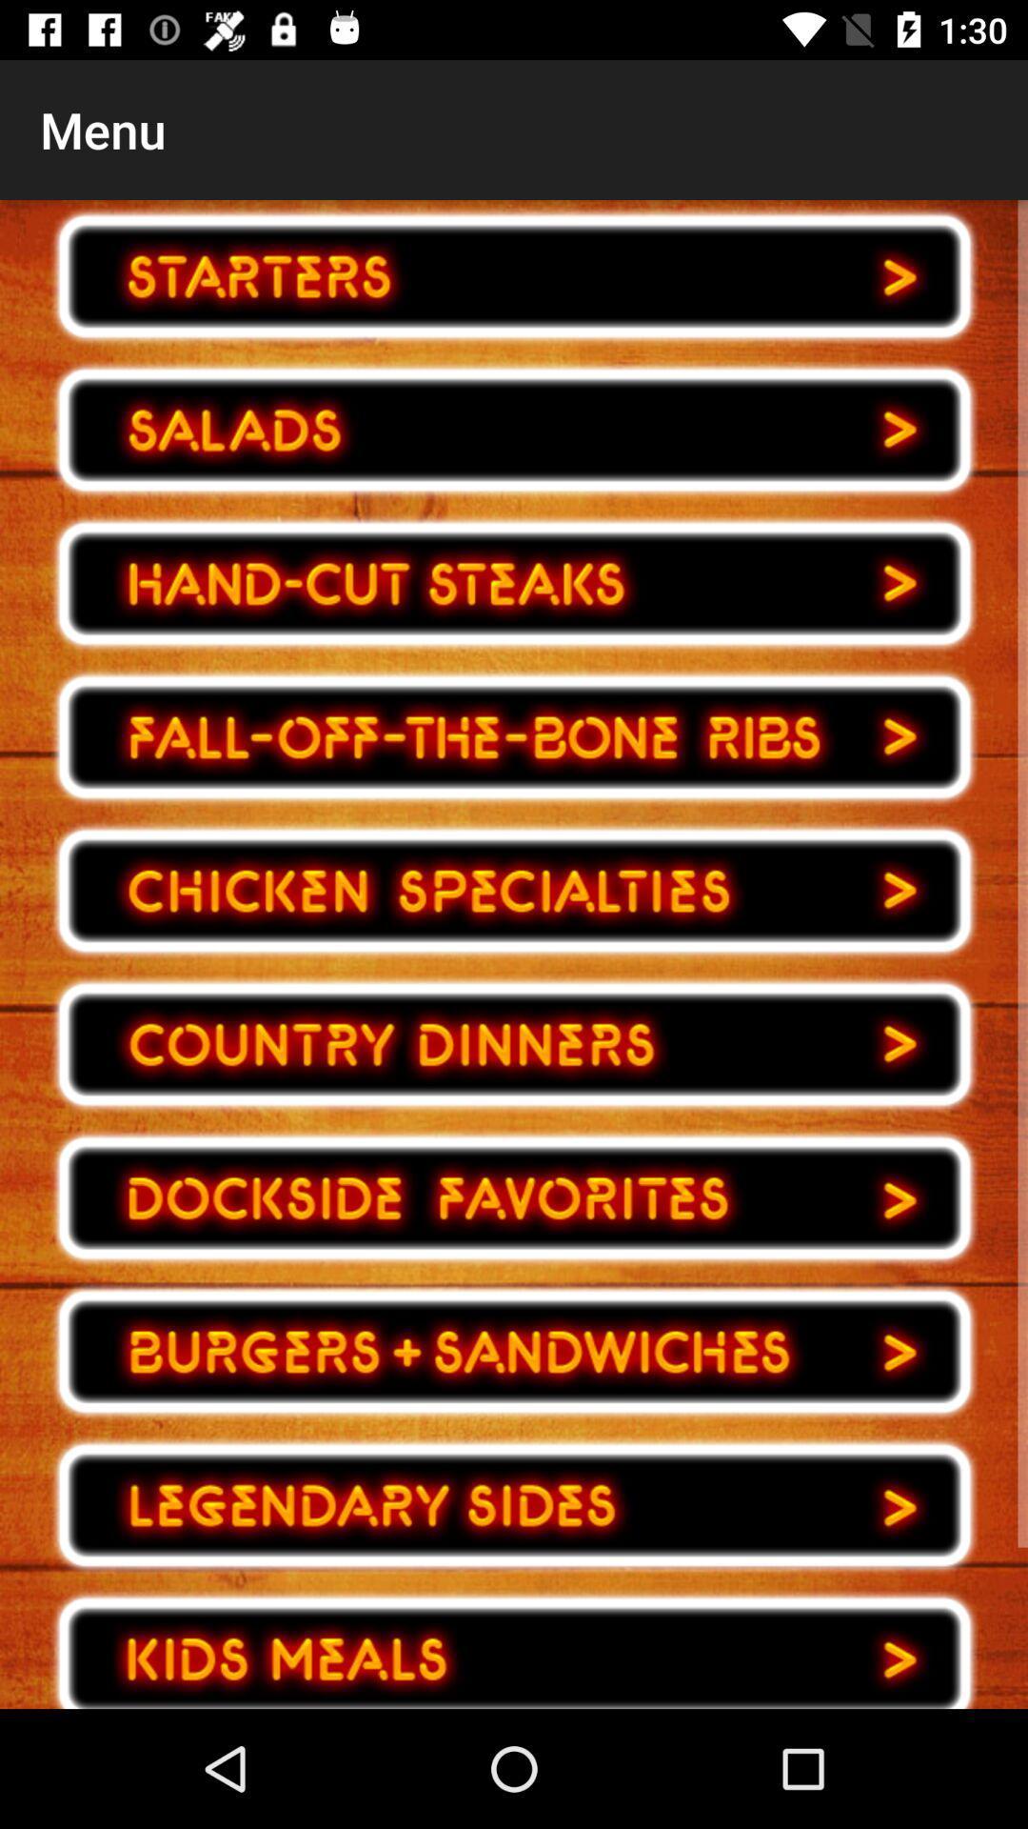  I want to click on choose food, so click(514, 583).